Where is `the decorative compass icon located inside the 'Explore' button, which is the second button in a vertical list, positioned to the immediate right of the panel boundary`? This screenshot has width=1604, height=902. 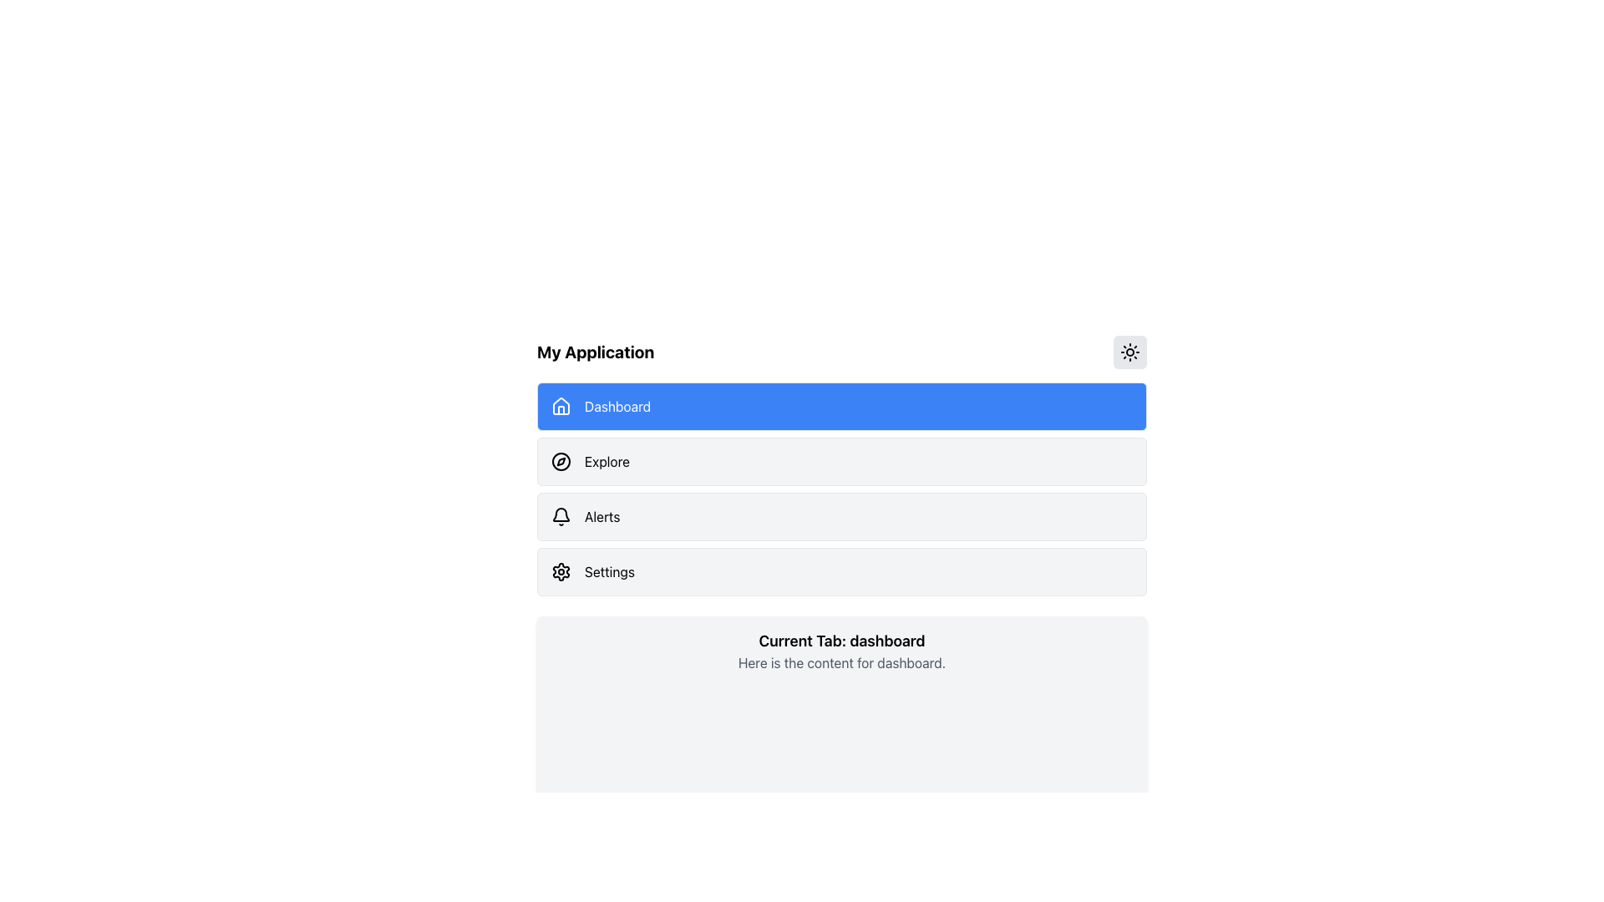
the decorative compass icon located inside the 'Explore' button, which is the second button in a vertical list, positioned to the immediate right of the panel boundary is located at coordinates (561, 461).